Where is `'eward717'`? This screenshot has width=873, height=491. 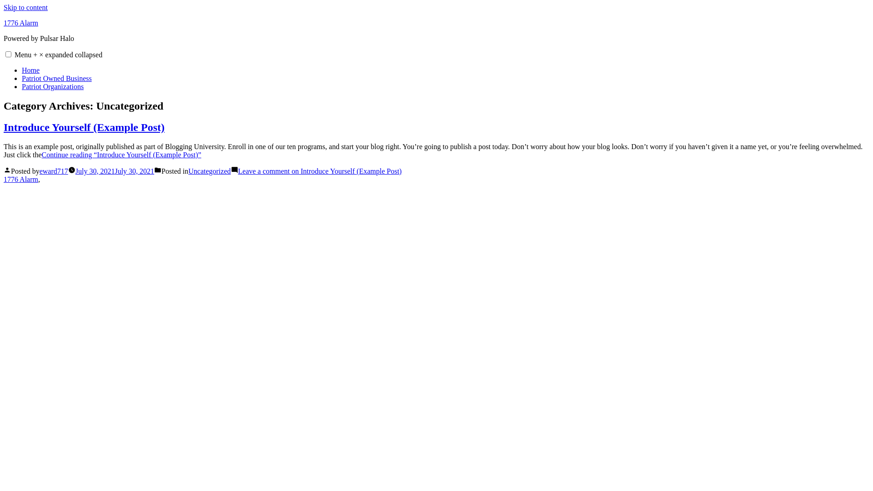 'eward717' is located at coordinates (39, 171).